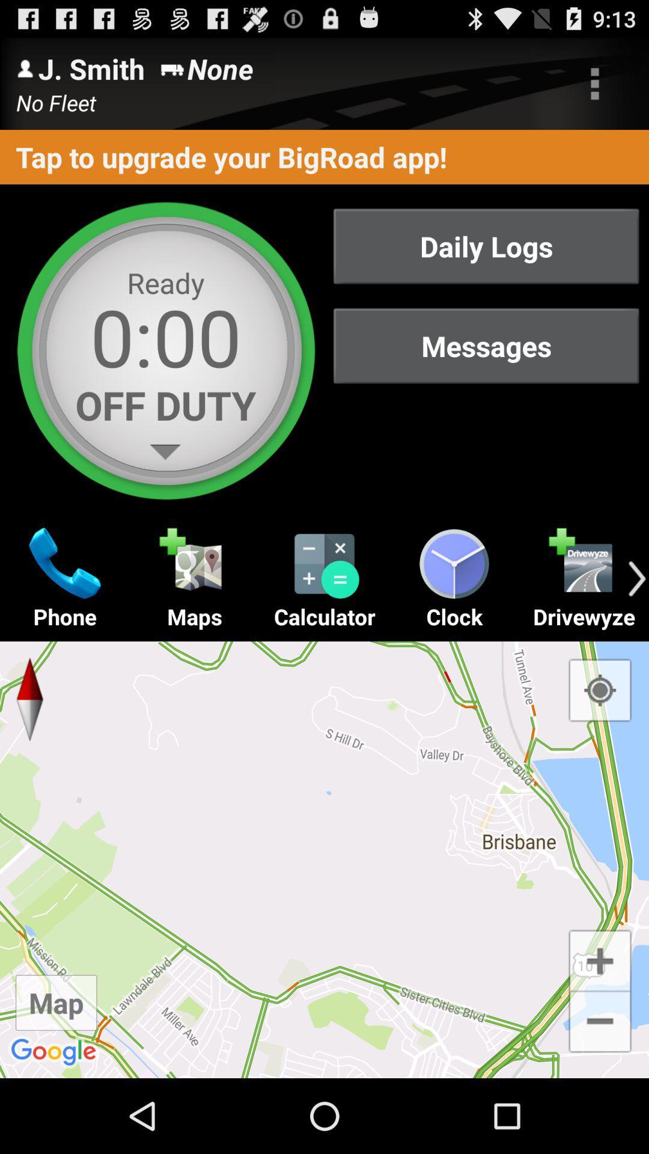  What do you see at coordinates (486, 345) in the screenshot?
I see `the item below daily logs item` at bounding box center [486, 345].